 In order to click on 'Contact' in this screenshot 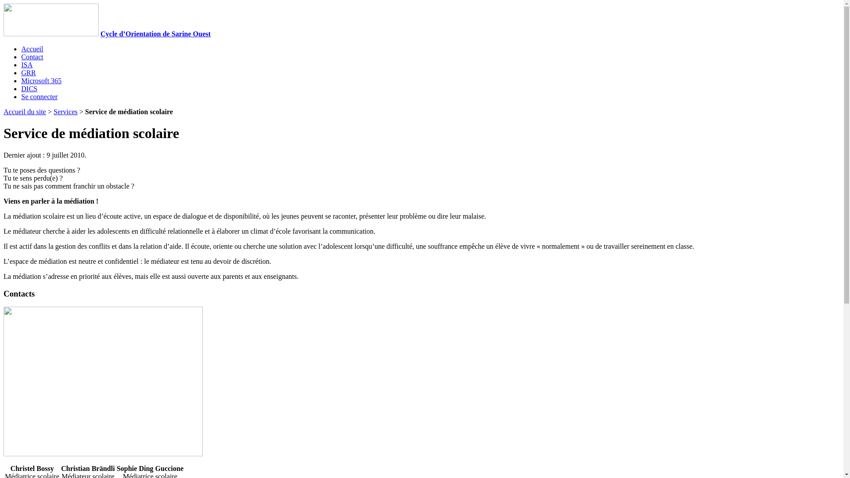, I will do `click(32, 57)`.